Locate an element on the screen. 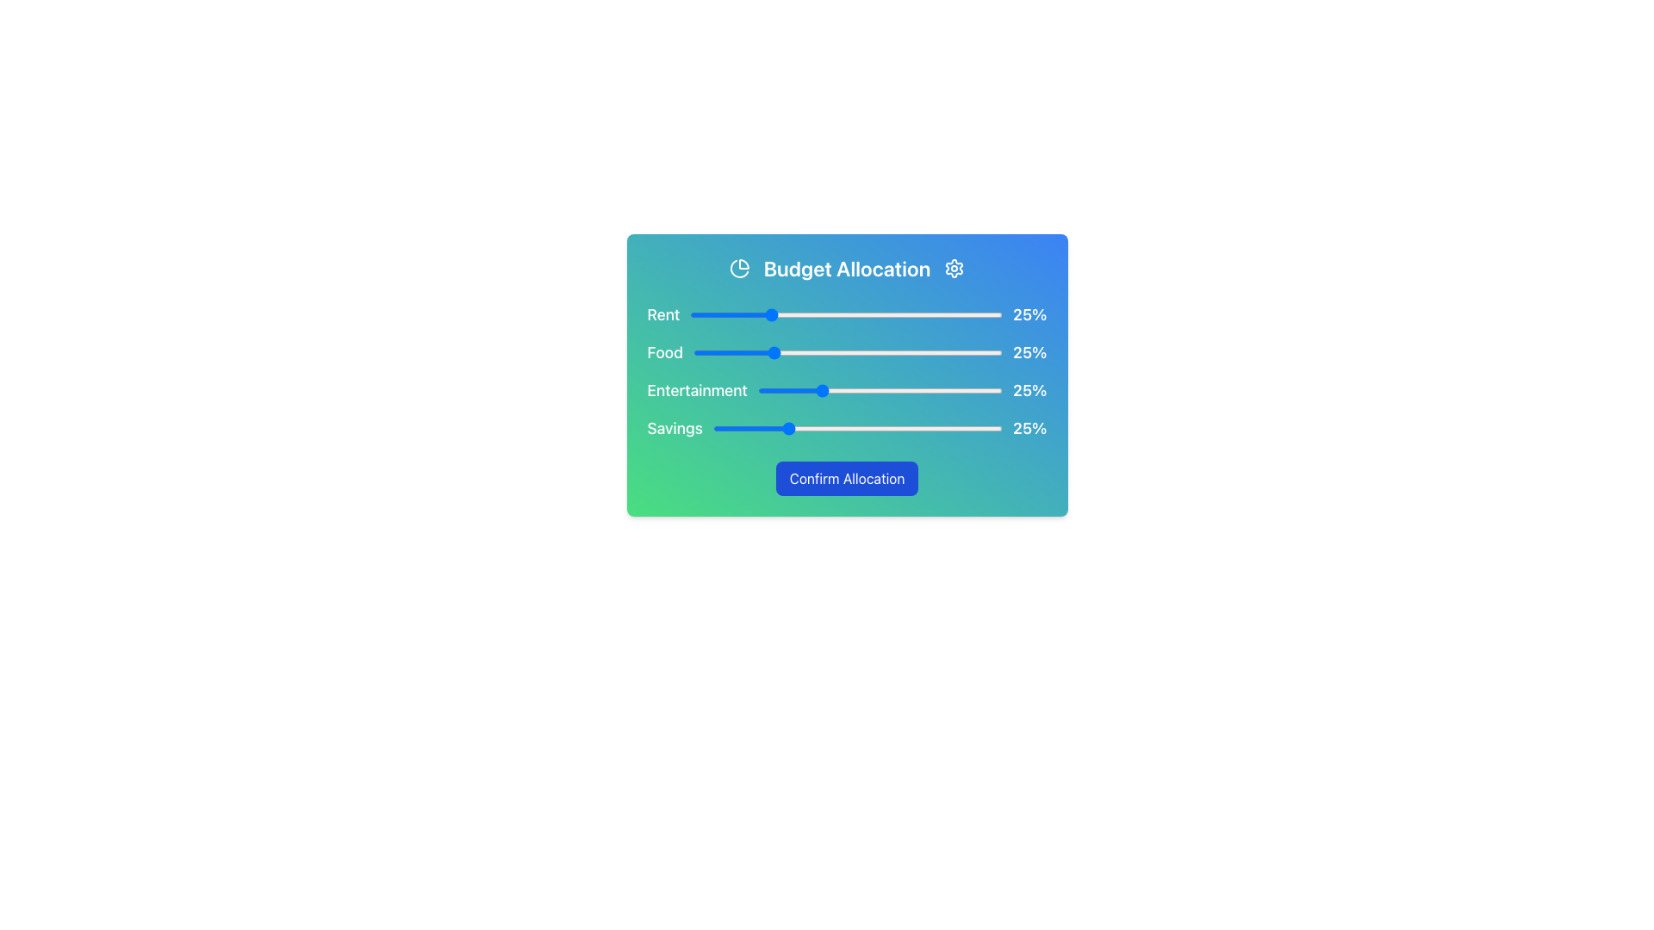 The image size is (1654, 930). the 'Rent' allocation slider is located at coordinates (984, 315).